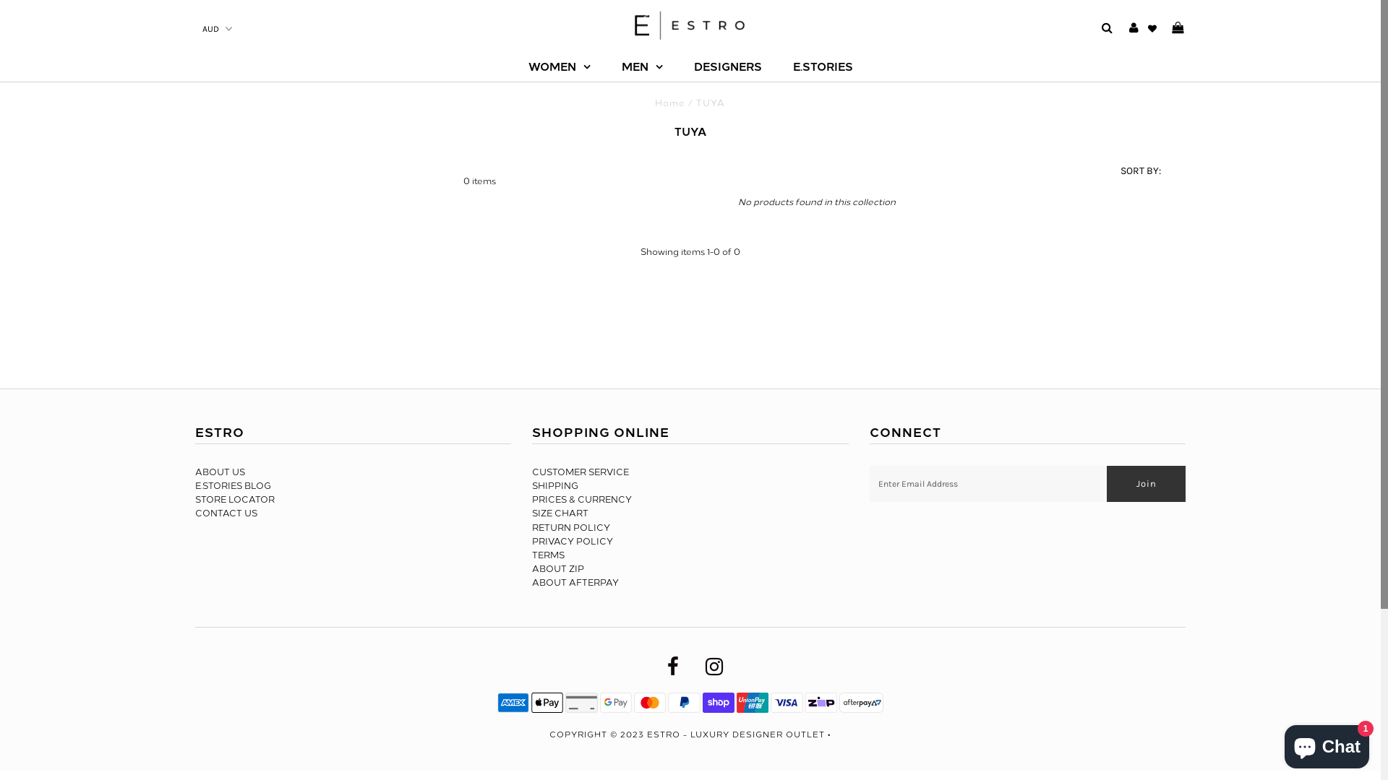  Describe the element at coordinates (669, 102) in the screenshot. I see `'Home'` at that location.